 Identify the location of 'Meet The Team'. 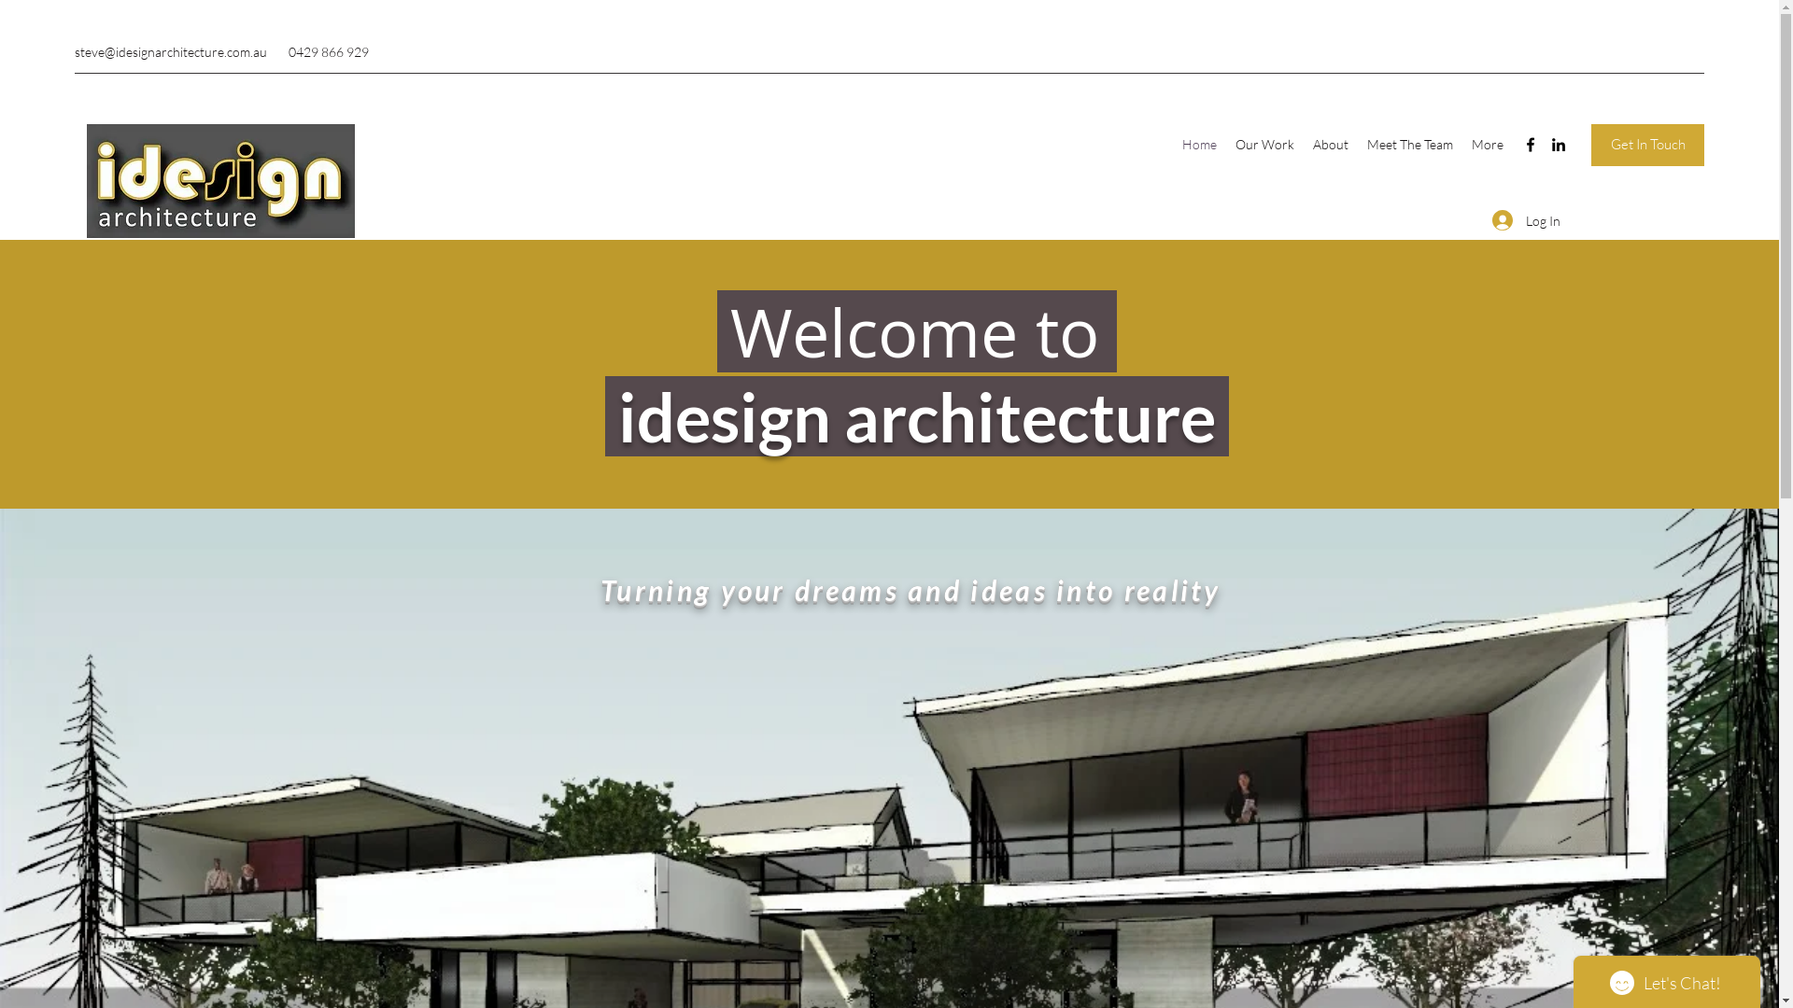
(1410, 143).